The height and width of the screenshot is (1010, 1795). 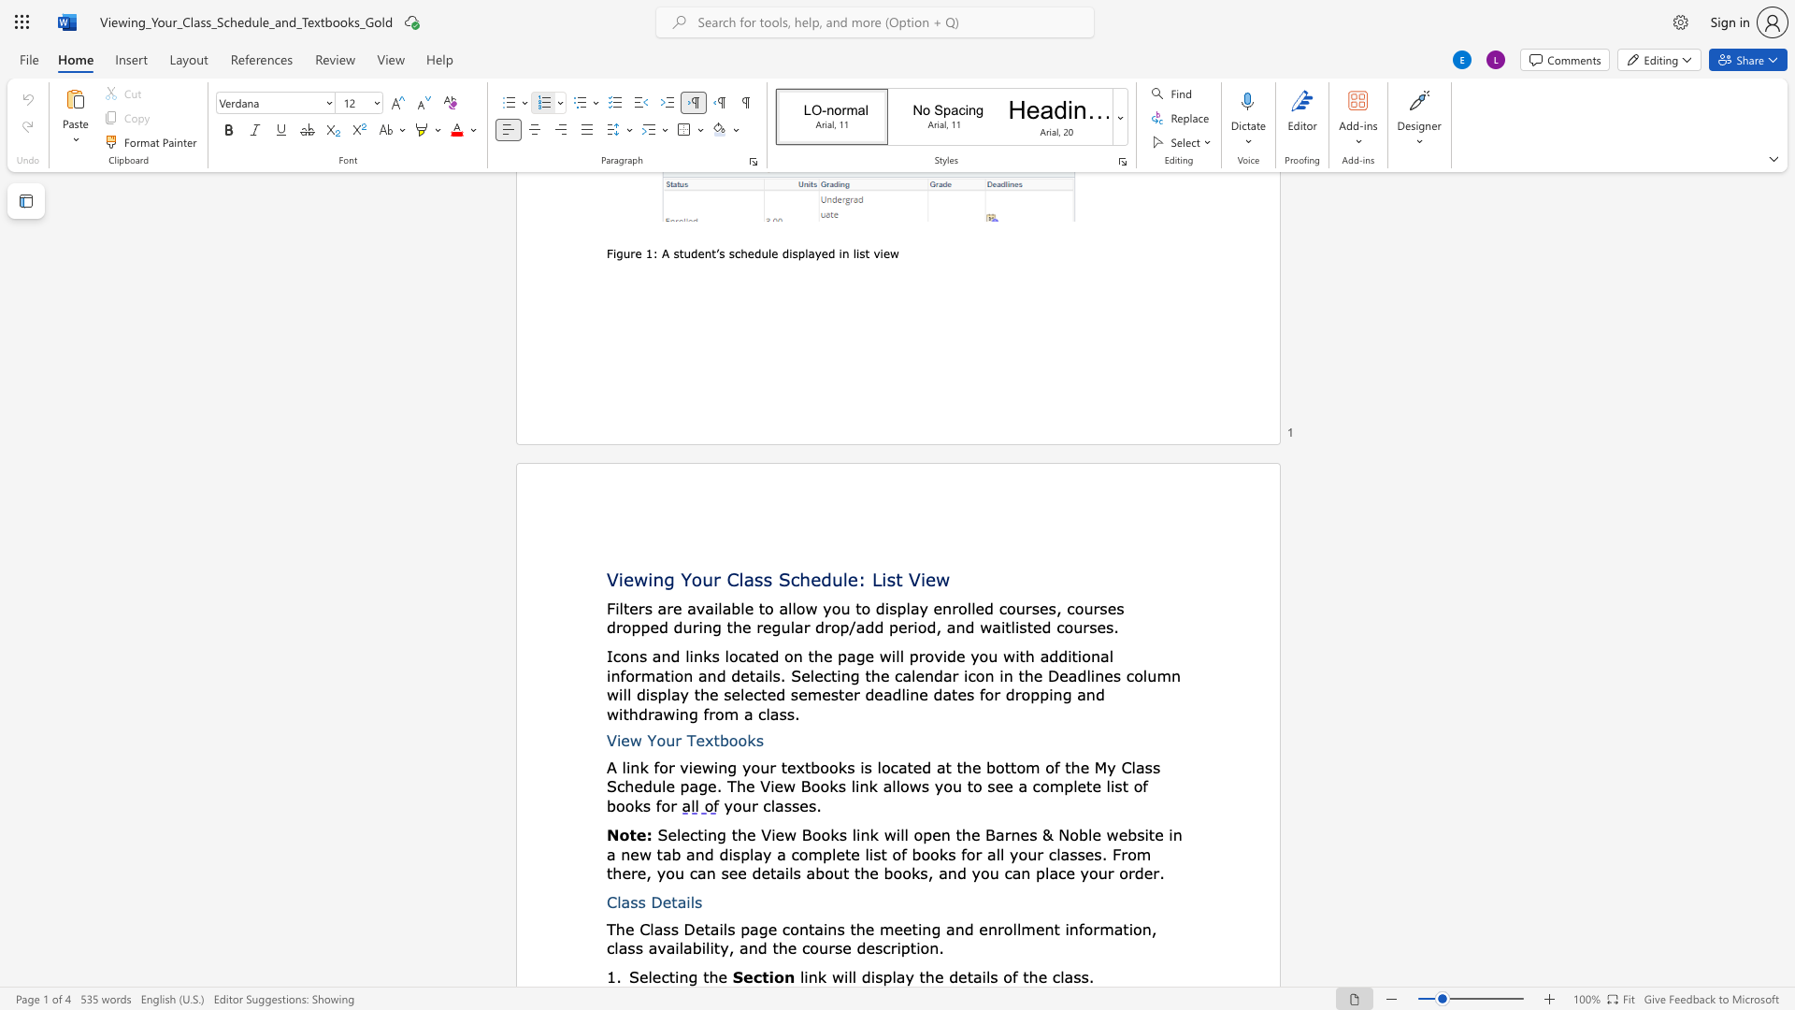 What do you see at coordinates (798, 627) in the screenshot?
I see `the 7th character "a" in the text` at bounding box center [798, 627].